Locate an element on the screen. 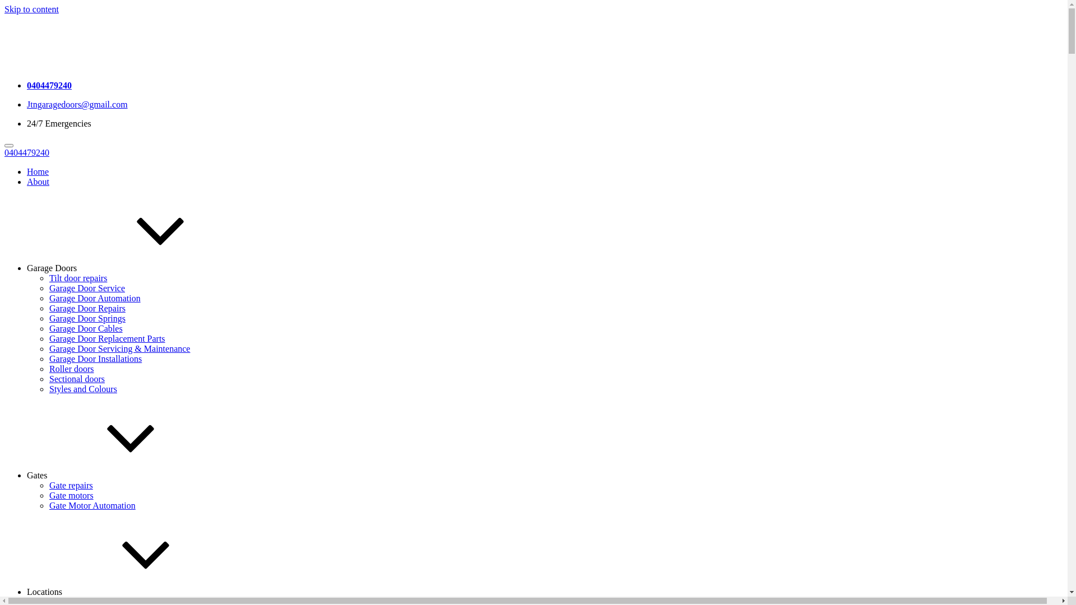 The height and width of the screenshot is (605, 1076). 'Garage Door Cables' is located at coordinates (85, 328).